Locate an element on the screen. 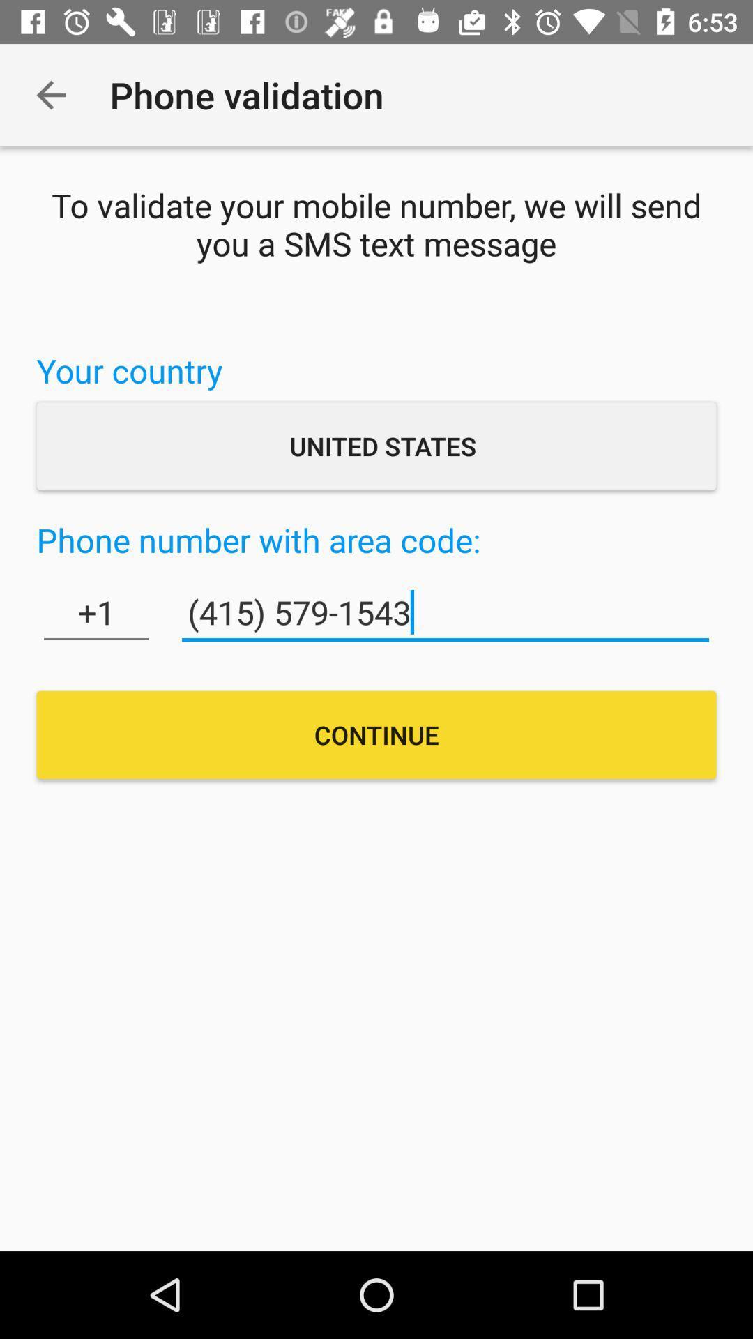 The height and width of the screenshot is (1339, 753). (415) 579-1543 is located at coordinates (446, 612).